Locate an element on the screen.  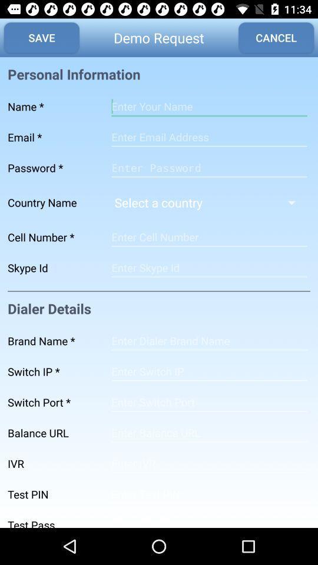
text input is located at coordinates (208, 137).